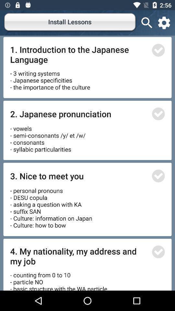 This screenshot has height=311, width=175. What do you see at coordinates (48, 137) in the screenshot?
I see `icon above the 3 nice to icon` at bounding box center [48, 137].